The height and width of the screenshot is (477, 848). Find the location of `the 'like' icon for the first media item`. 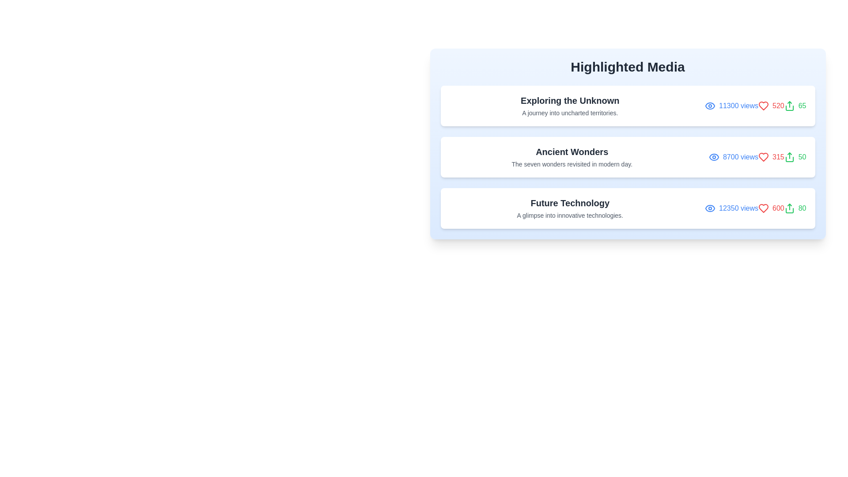

the 'like' icon for the first media item is located at coordinates (763, 105).